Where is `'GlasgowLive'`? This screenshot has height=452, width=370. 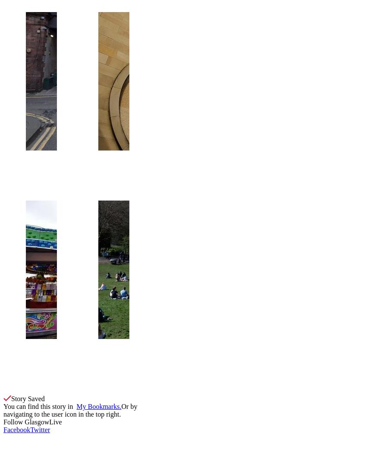 'GlasgowLive' is located at coordinates (43, 421).